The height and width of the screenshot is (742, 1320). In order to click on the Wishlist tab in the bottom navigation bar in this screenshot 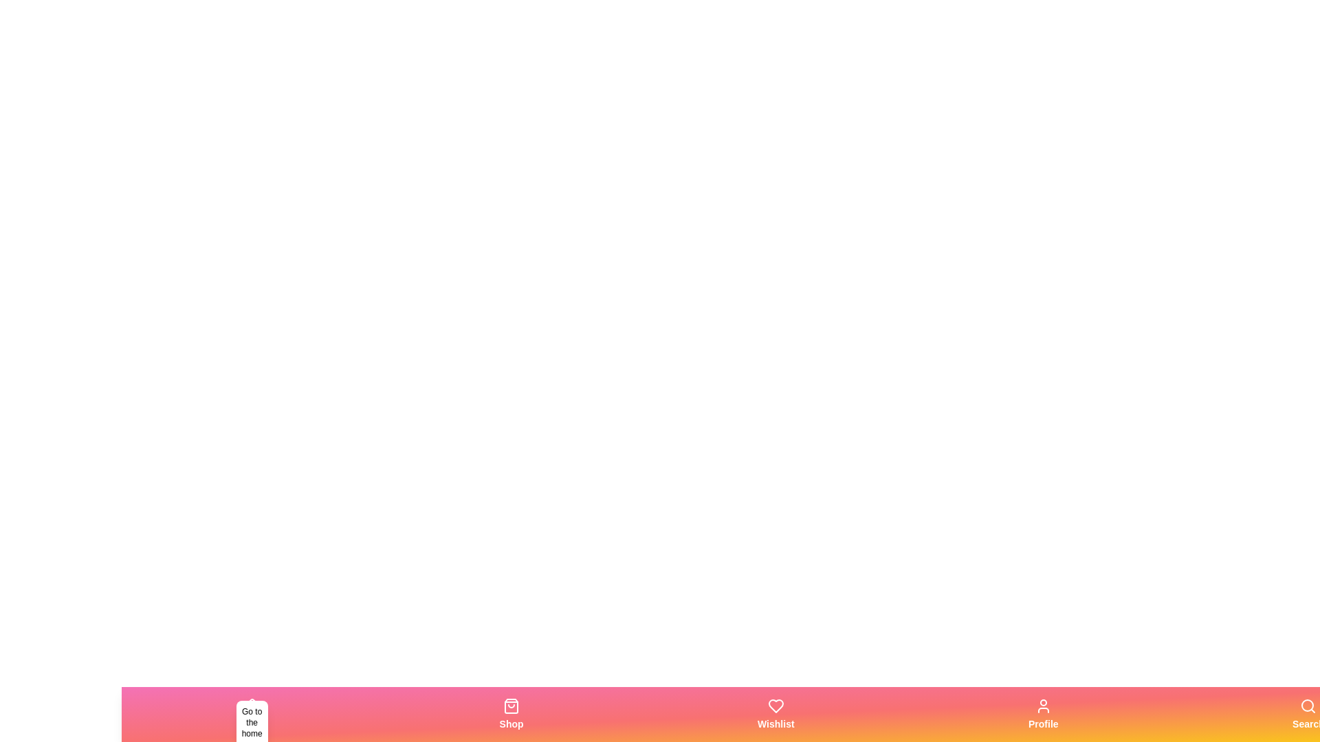, I will do `click(775, 714)`.